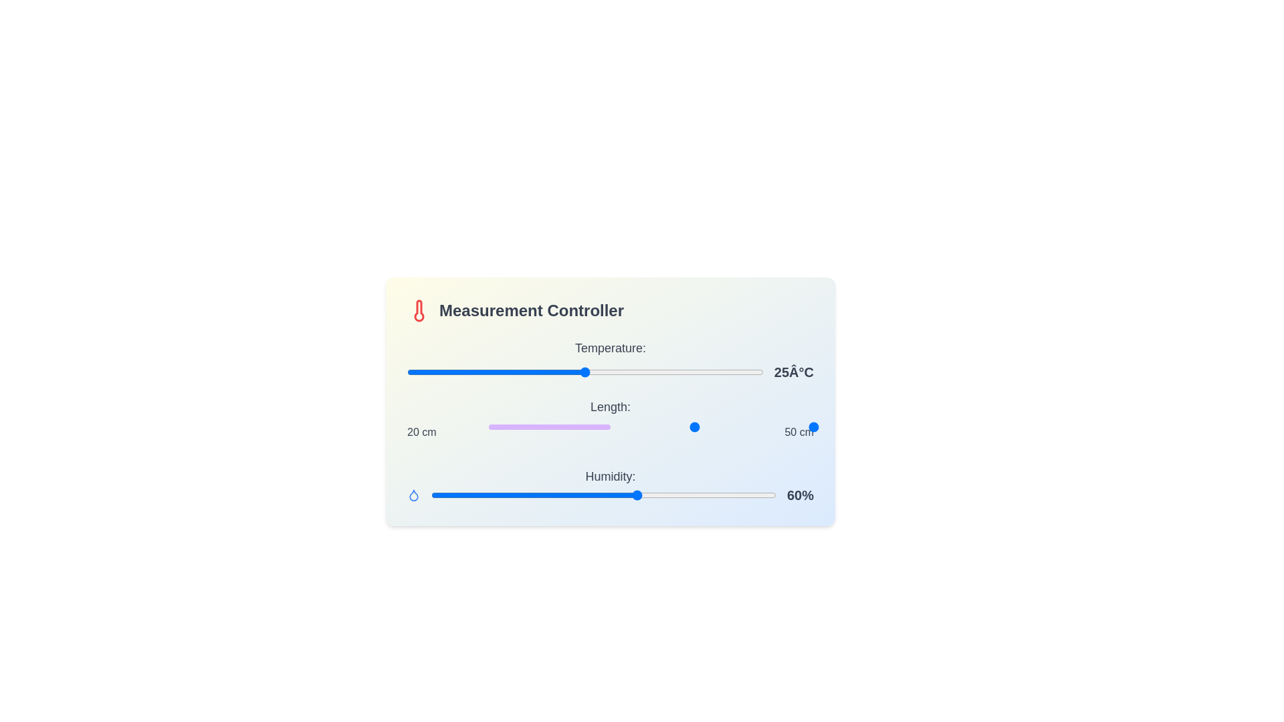  Describe the element at coordinates (712, 427) in the screenshot. I see `the length` at that location.